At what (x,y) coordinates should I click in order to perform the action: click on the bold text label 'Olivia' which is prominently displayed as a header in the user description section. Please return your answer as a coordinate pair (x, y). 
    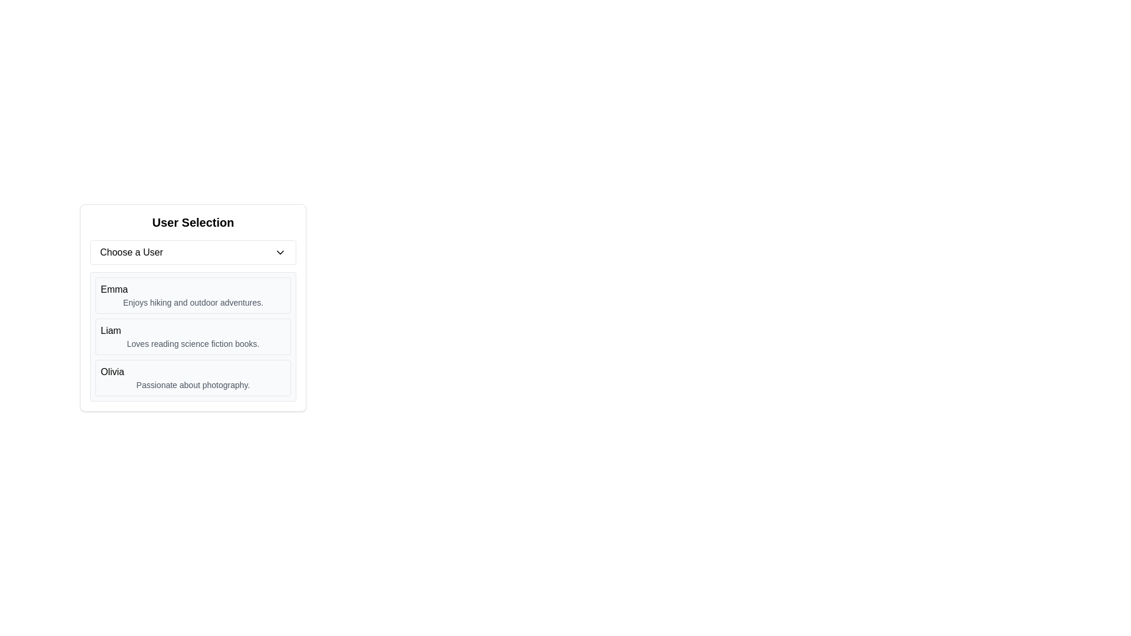
    Looking at the image, I should click on (113, 372).